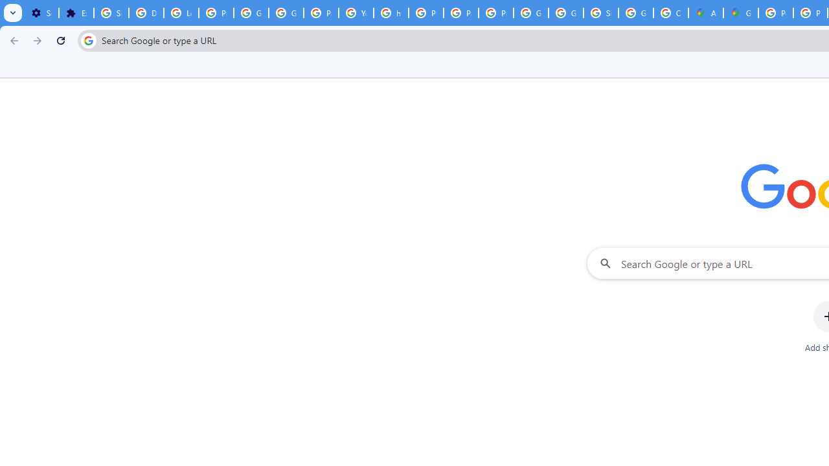  I want to click on 'Settings - On startup', so click(41, 13).